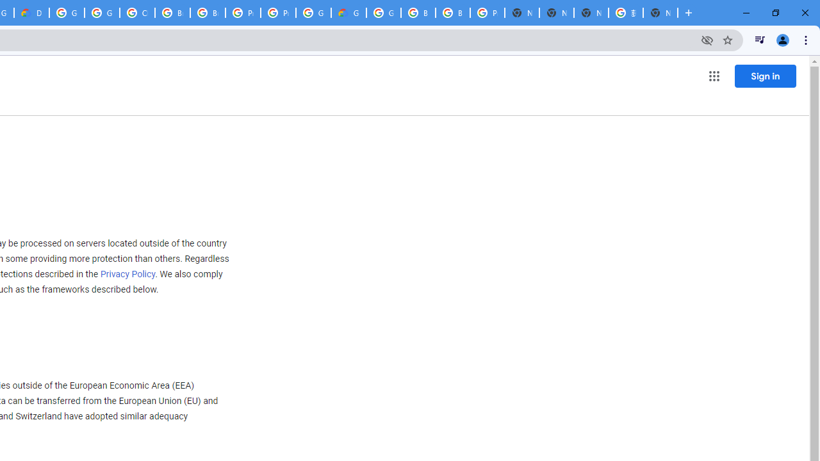 Image resolution: width=820 pixels, height=461 pixels. Describe the element at coordinates (660, 13) in the screenshot. I see `'New Tab'` at that location.